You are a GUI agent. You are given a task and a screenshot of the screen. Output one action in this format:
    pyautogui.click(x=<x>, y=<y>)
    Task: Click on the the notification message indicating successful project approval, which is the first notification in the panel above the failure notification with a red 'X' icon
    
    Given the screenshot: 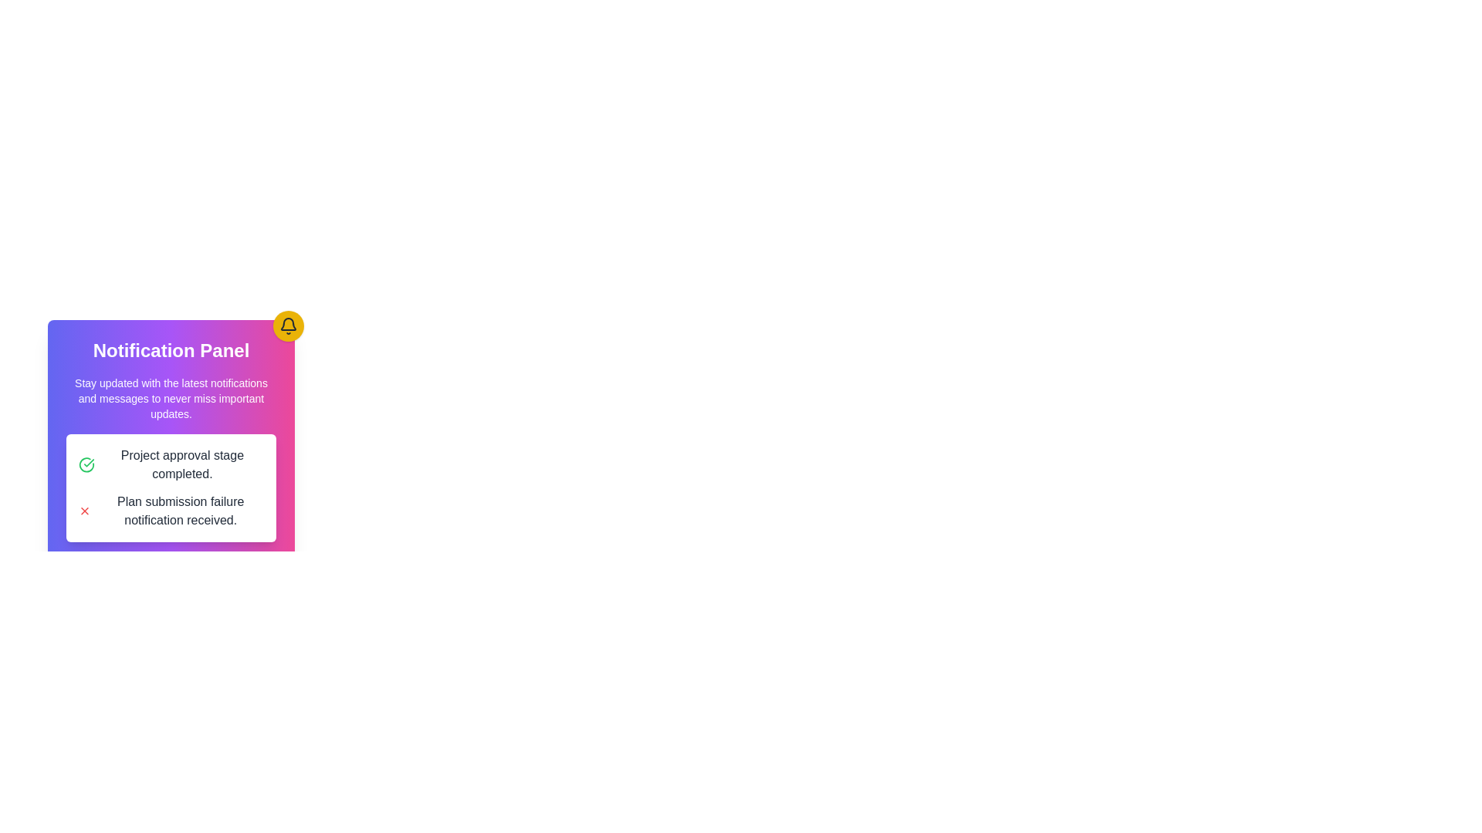 What is the action you would take?
    pyautogui.click(x=171, y=464)
    